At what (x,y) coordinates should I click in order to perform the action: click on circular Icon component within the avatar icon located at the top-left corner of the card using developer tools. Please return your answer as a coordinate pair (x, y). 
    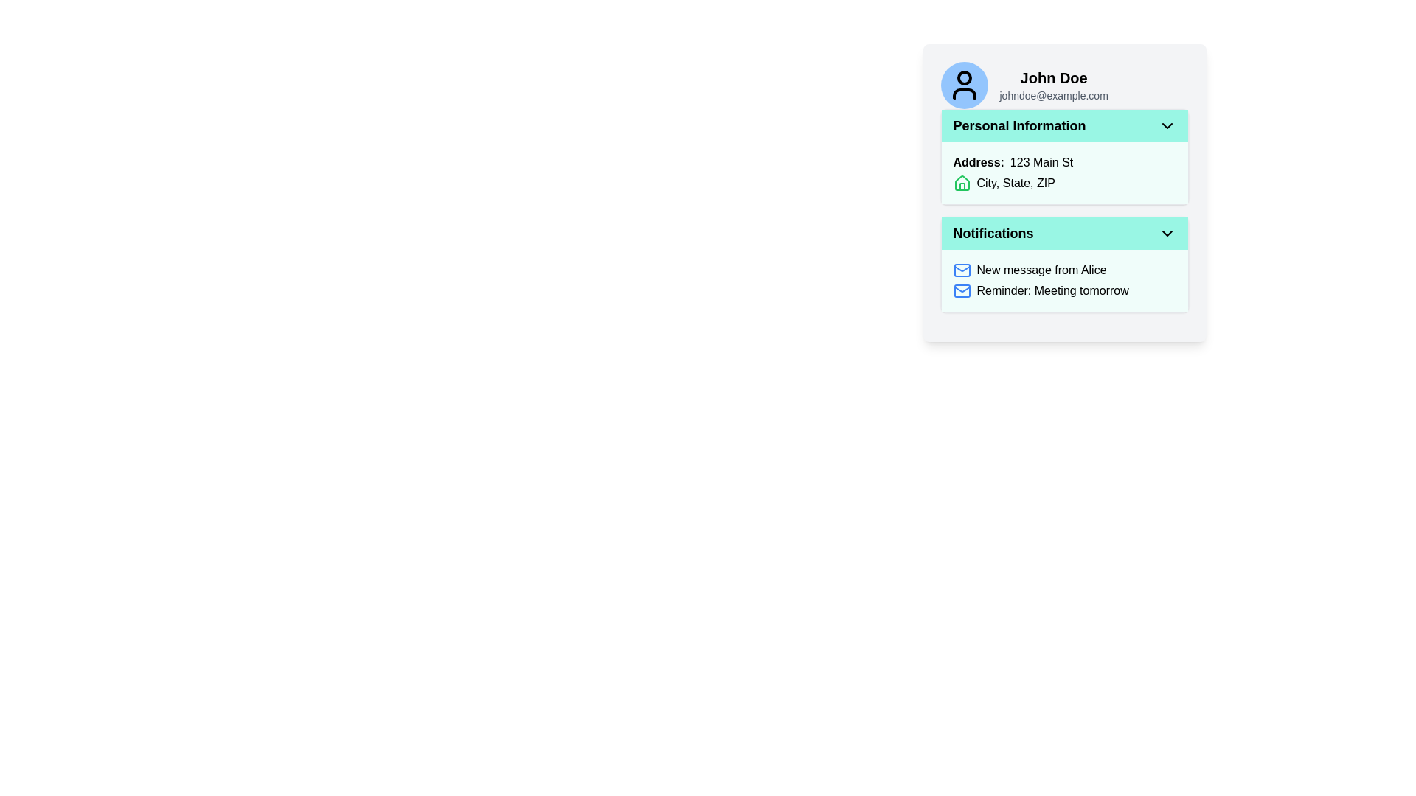
    Looking at the image, I should click on (964, 77).